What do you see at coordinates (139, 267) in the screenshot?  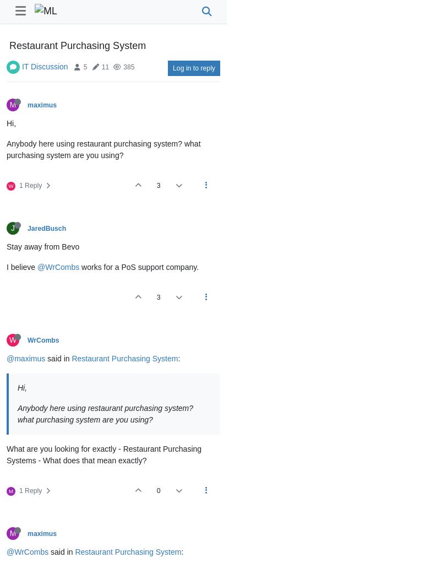 I see `'works for a PoS support company.'` at bounding box center [139, 267].